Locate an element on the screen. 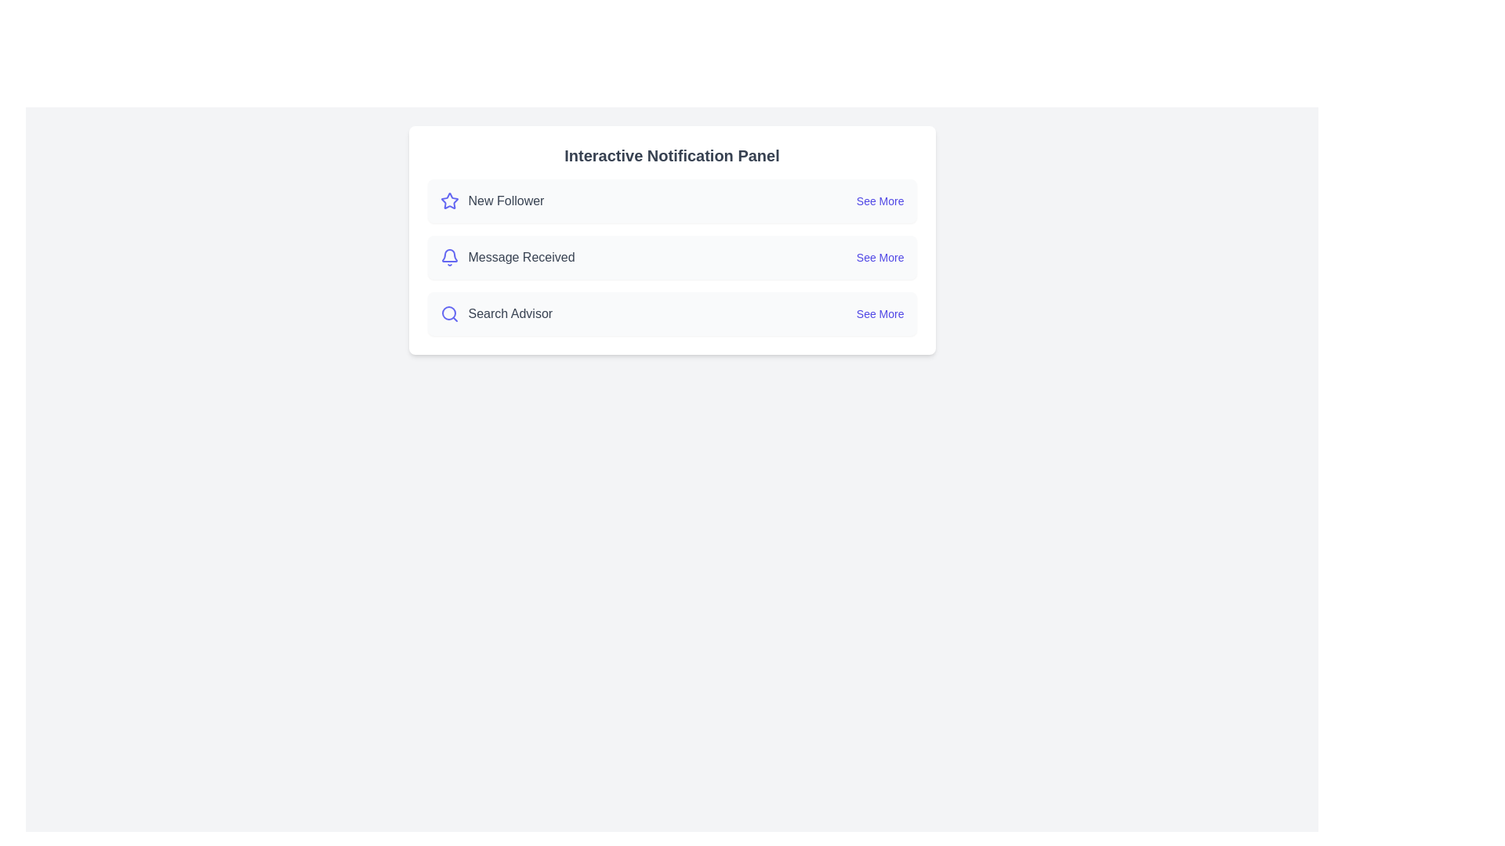 The image size is (1505, 846). the 'Interactive Notification Panel' by clicking on it to access additional actions for individual notifications is located at coordinates (672, 240).